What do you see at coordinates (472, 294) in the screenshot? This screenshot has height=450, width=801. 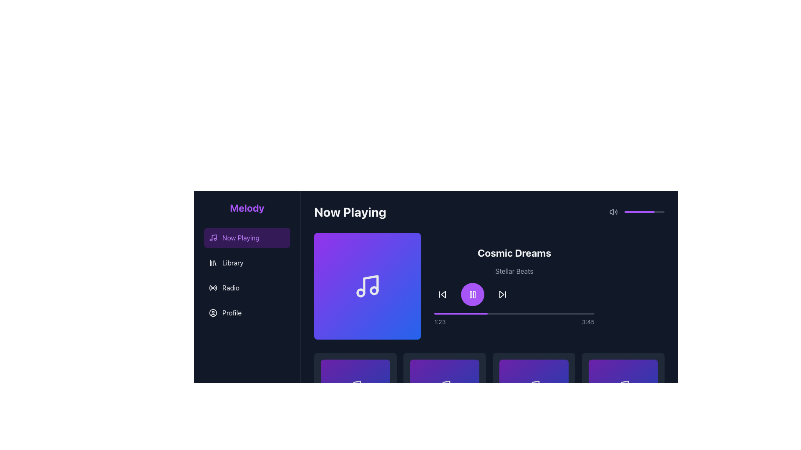 I see `the pause button located centrally among the playback controls` at bounding box center [472, 294].